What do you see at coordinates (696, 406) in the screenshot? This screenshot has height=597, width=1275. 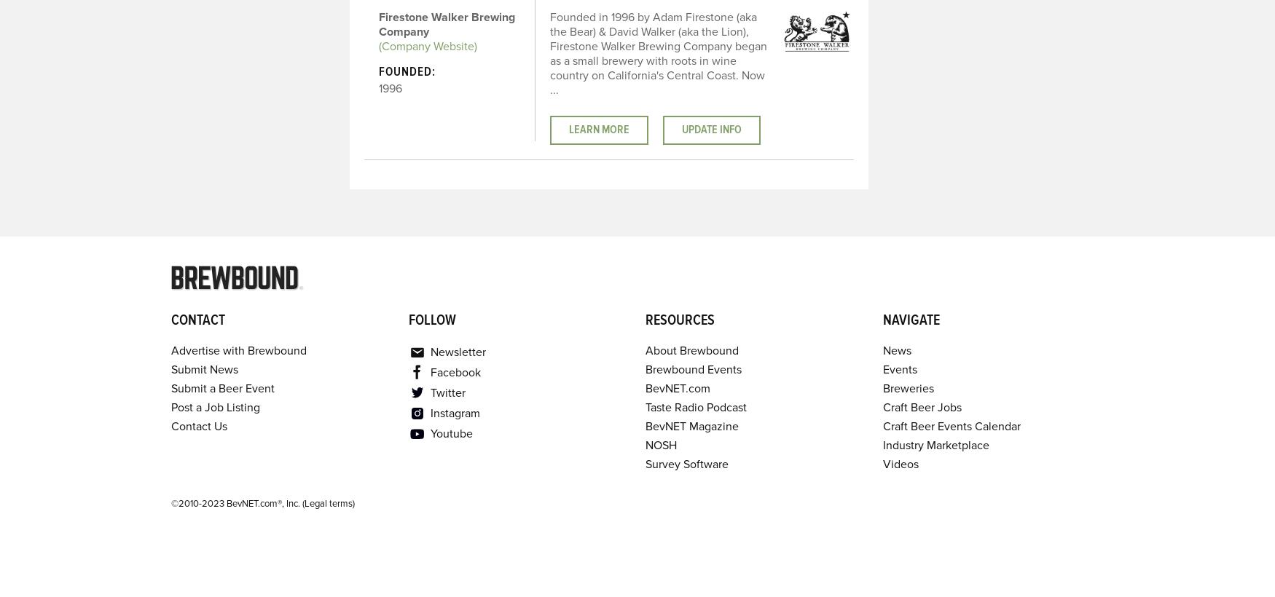 I see `'Taste Radio Podcast'` at bounding box center [696, 406].